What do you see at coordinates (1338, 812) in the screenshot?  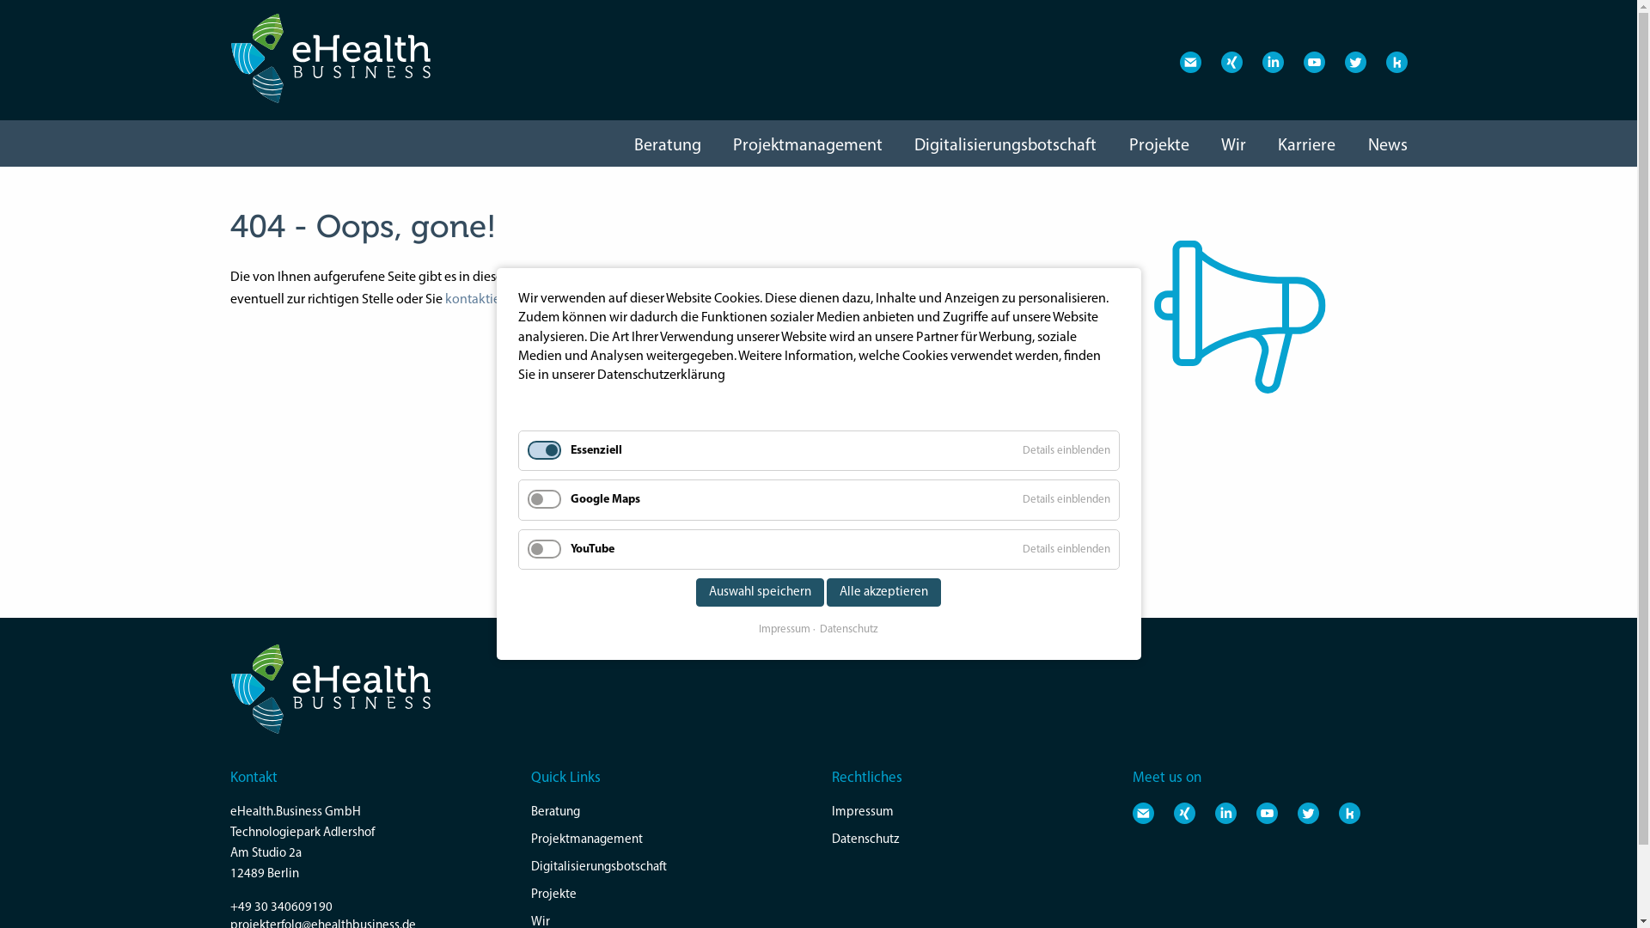 I see `'Besuchen Sie uns auf Kununu'` at bounding box center [1338, 812].